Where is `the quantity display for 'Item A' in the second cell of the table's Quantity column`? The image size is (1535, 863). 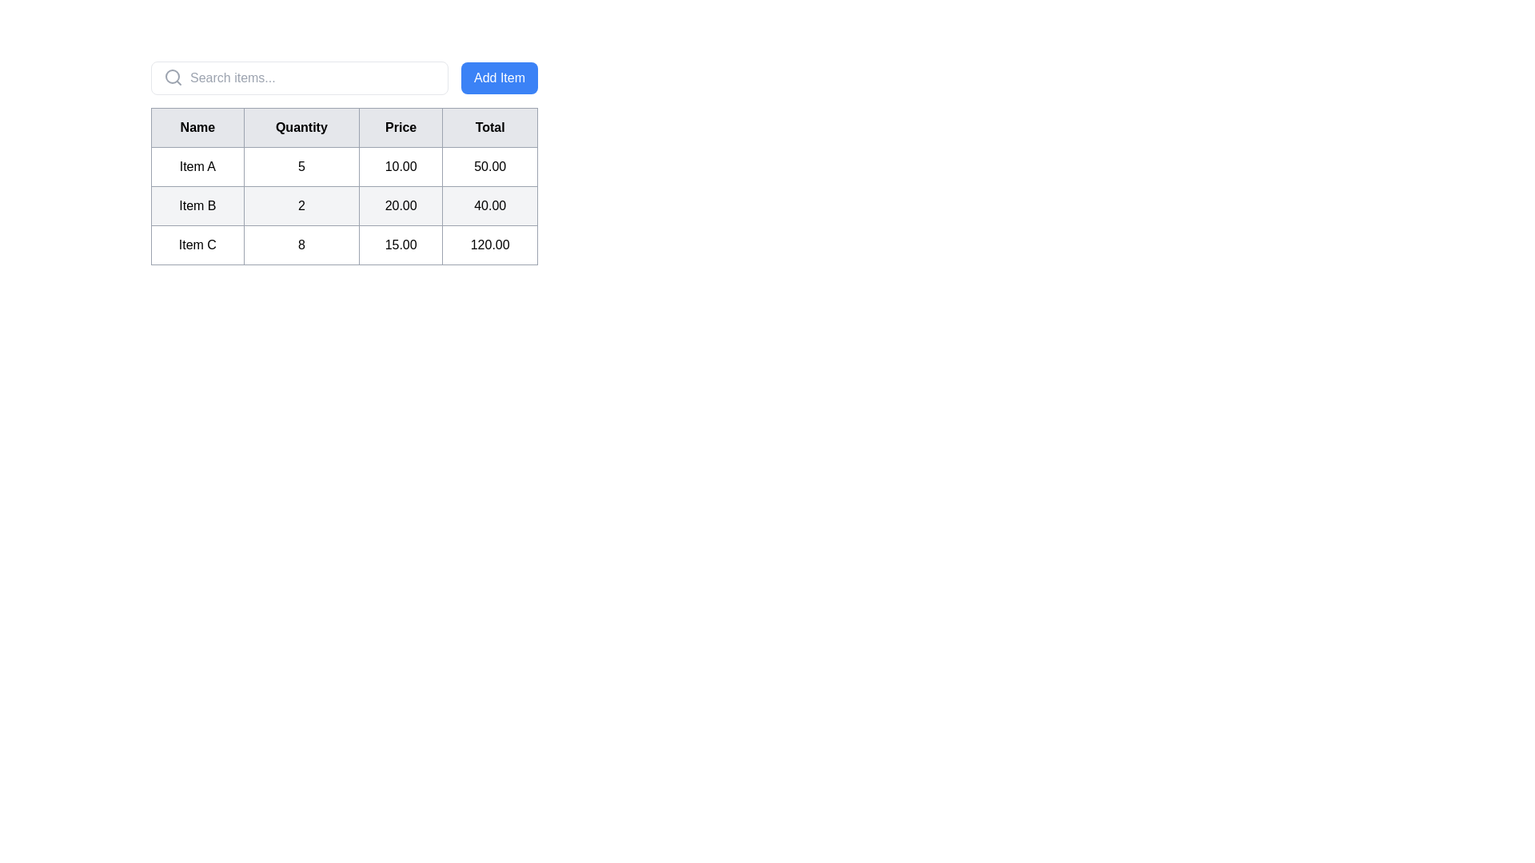 the quantity display for 'Item A' in the second cell of the table's Quantity column is located at coordinates (301, 166).